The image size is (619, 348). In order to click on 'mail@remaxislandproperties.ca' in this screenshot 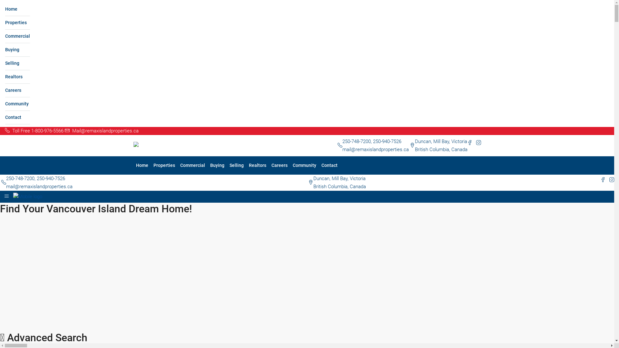, I will do `click(39, 186)`.